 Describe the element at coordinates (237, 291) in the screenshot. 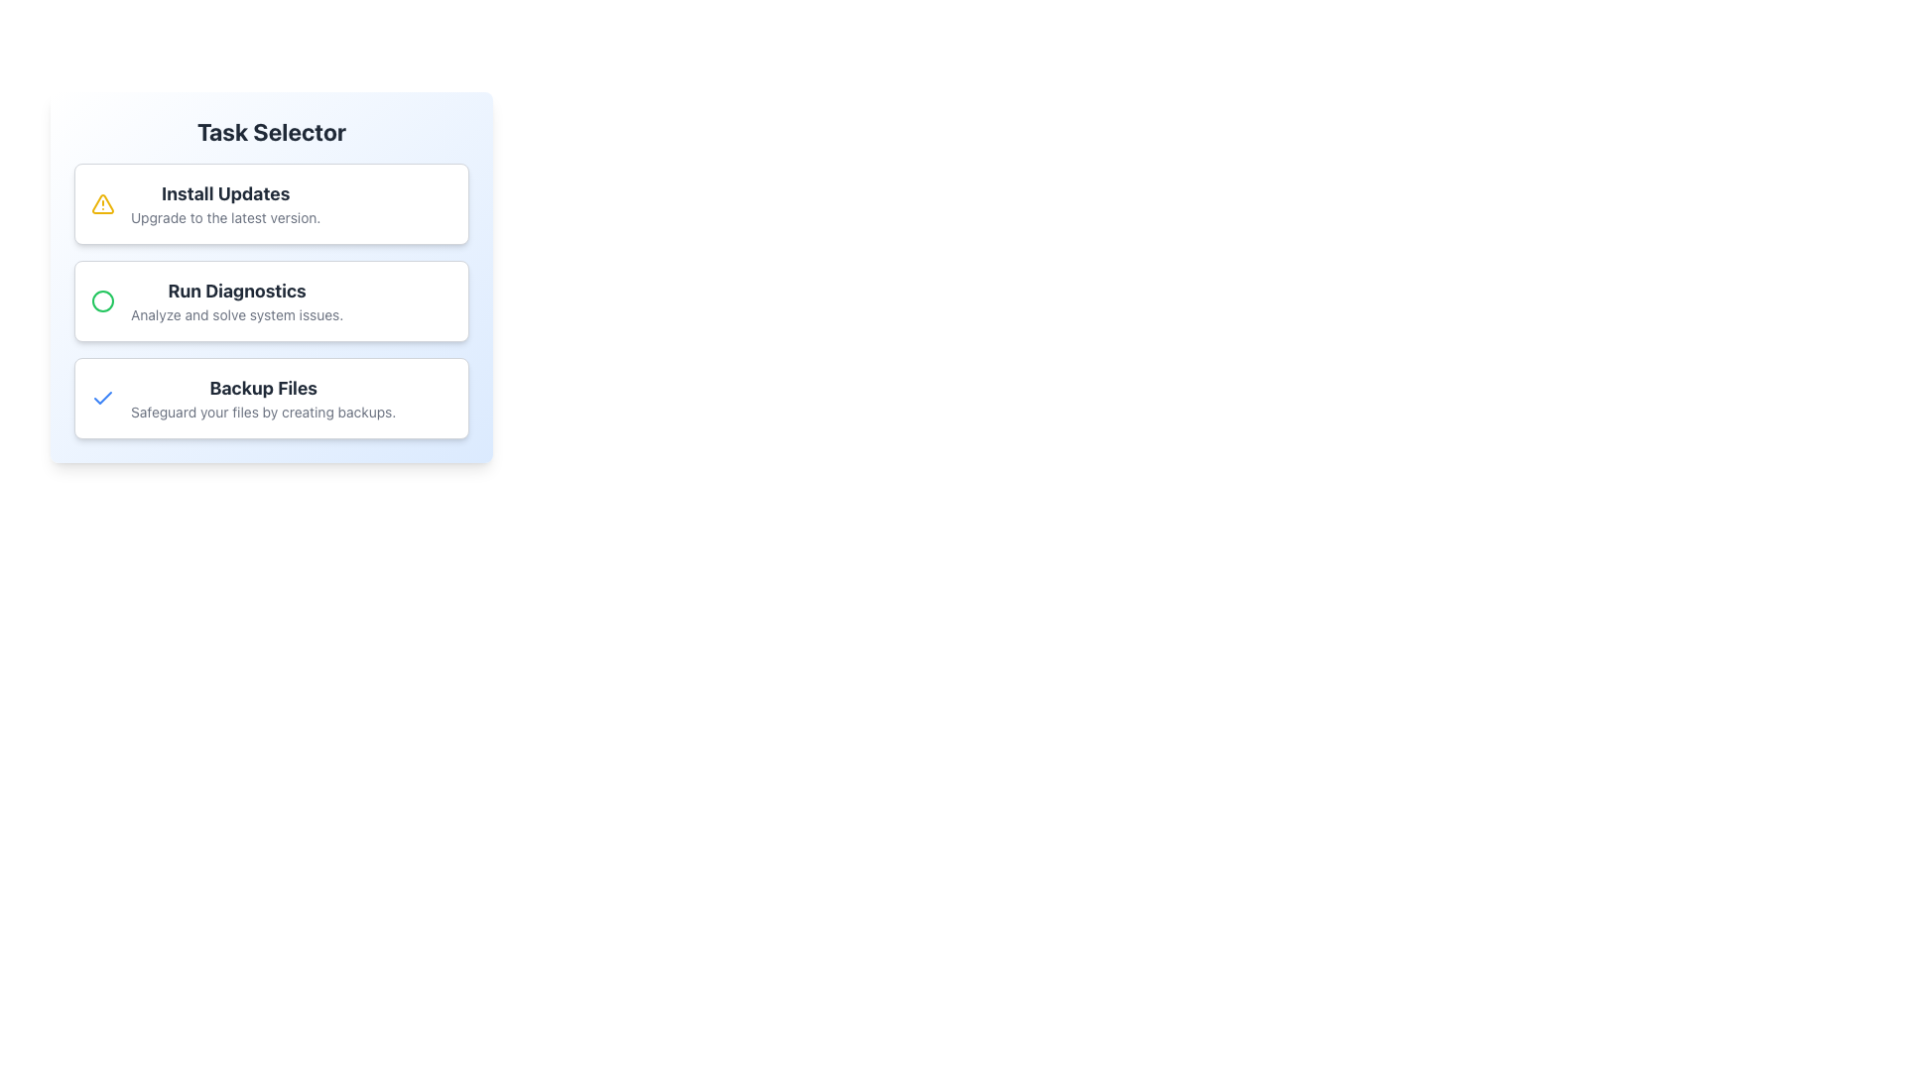

I see `the text label that identifies the purpose or title of the related action, positioned above the text 'Analyze and solve system issues.' and below 'Install Updates.' in a card-like structure` at that location.